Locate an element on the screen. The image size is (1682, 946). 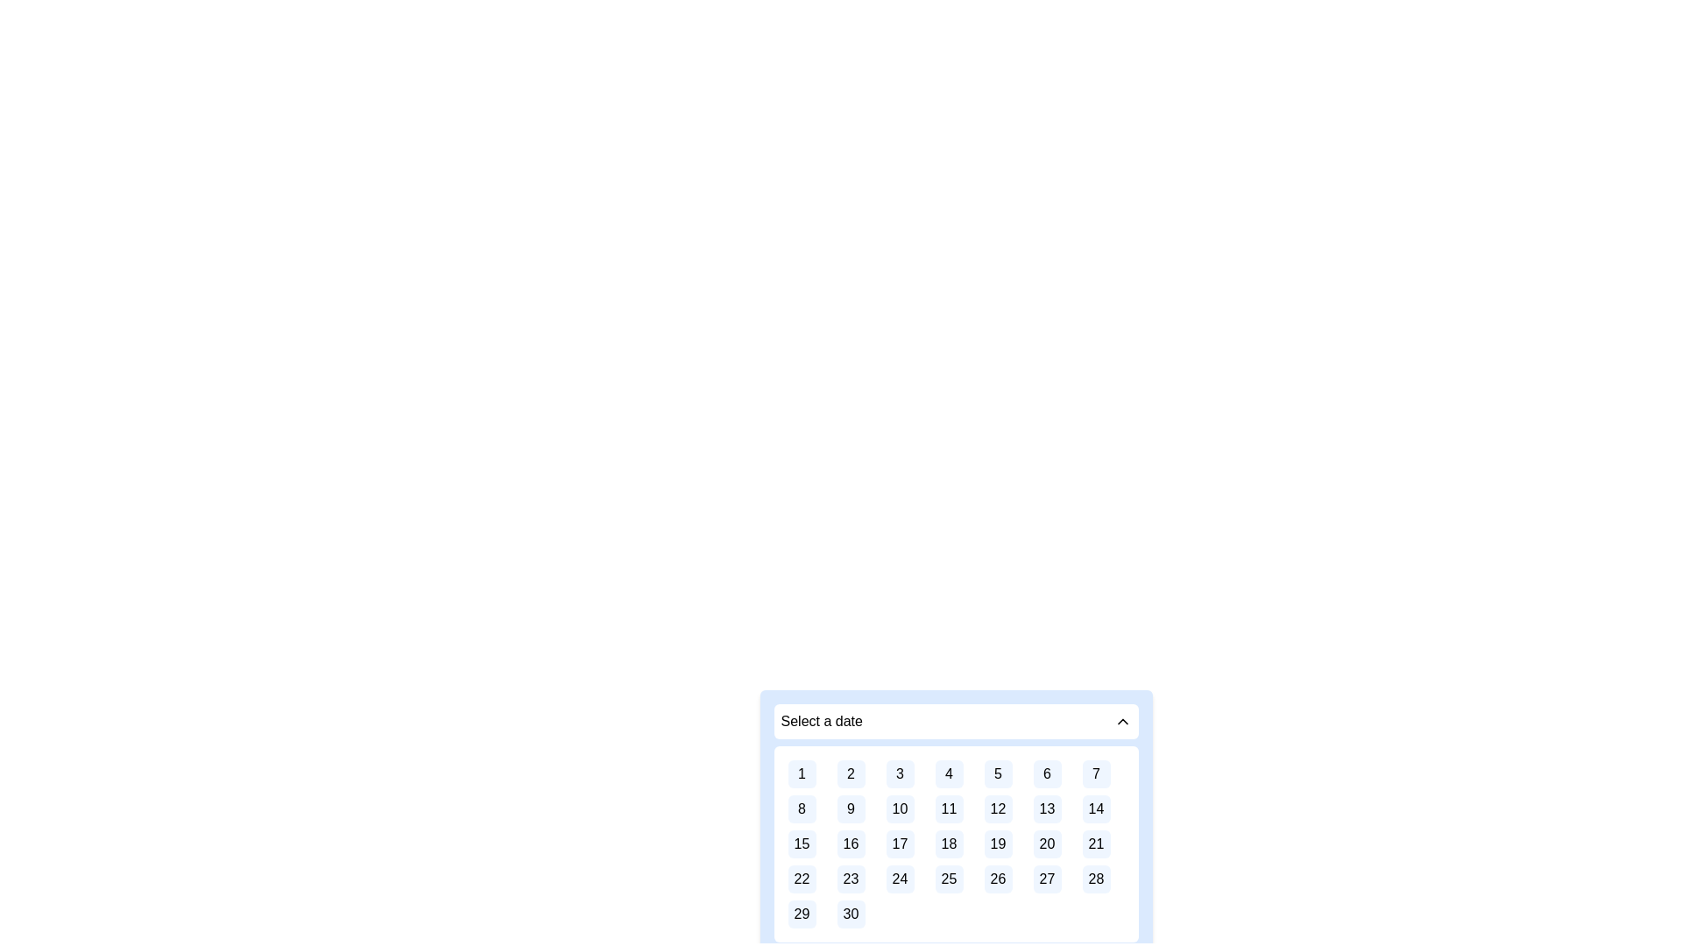
the blue square button with rounded borders displaying the number '9' in black font is located at coordinates (851, 809).